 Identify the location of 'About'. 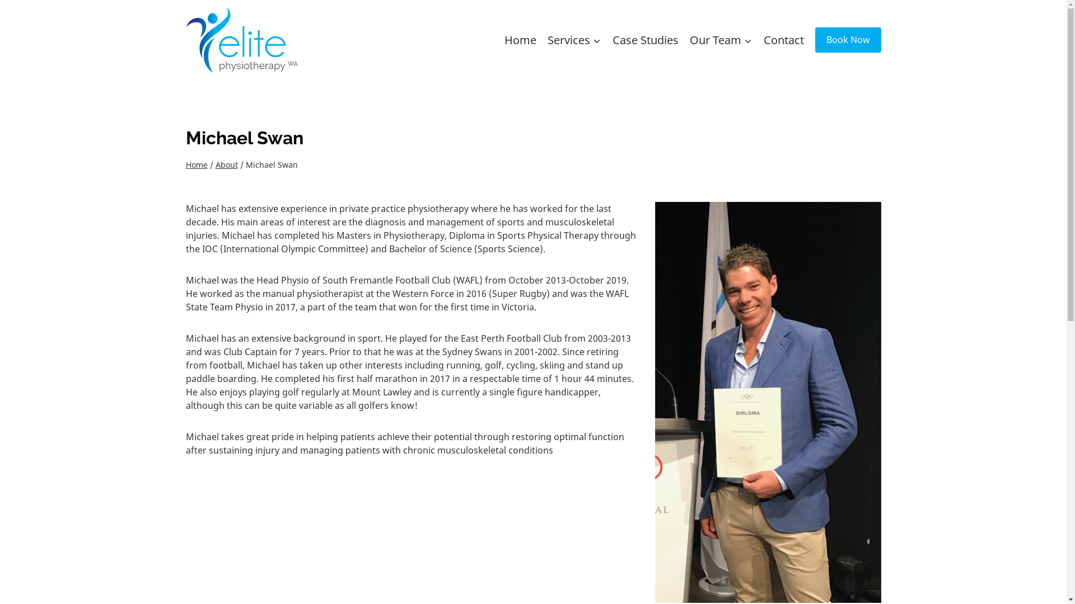
(225, 164).